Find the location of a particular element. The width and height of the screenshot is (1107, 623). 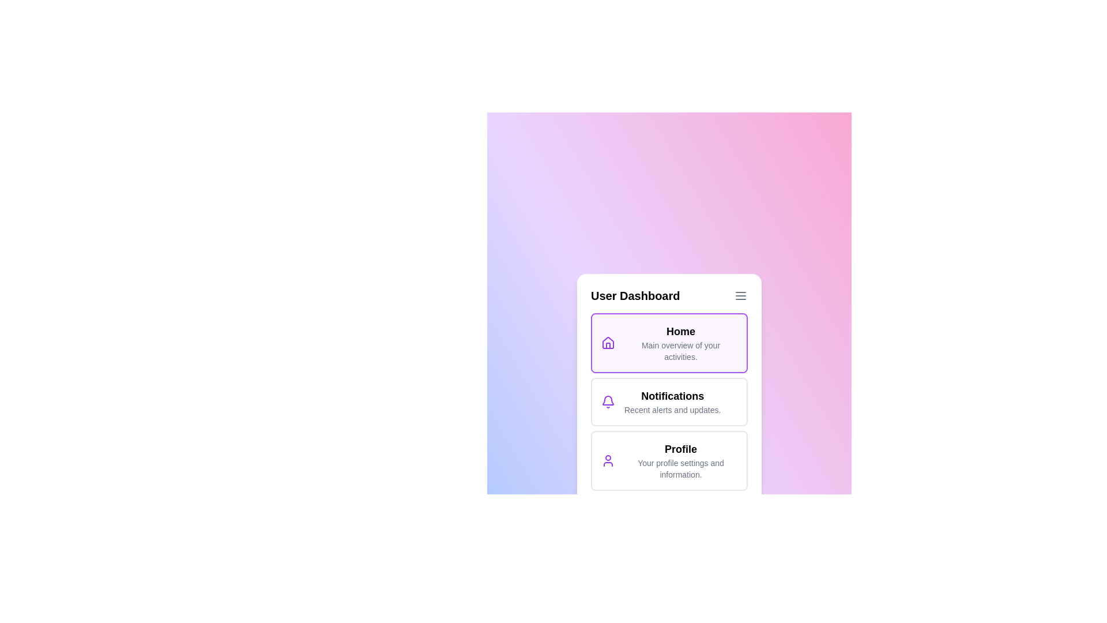

the menu item corresponding to Notifications is located at coordinates (669, 401).